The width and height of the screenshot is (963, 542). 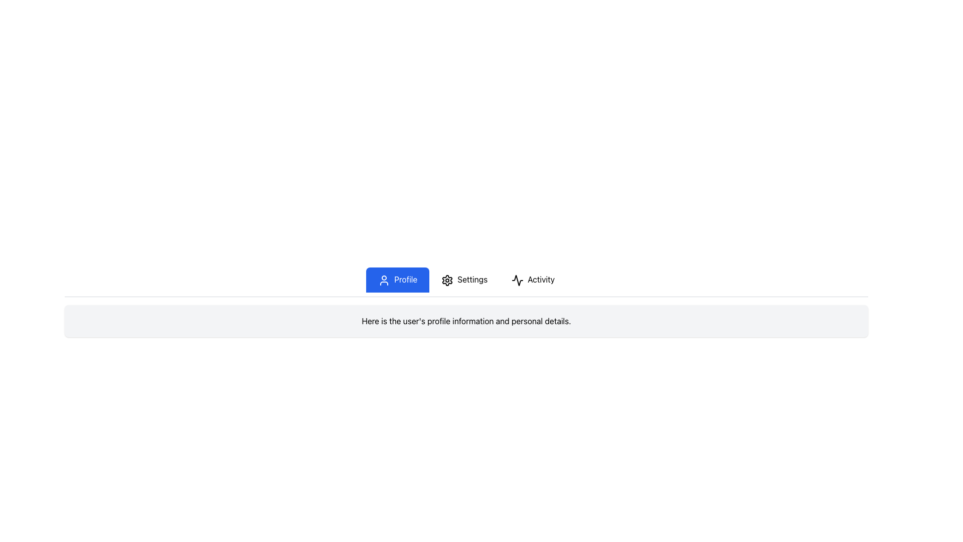 I want to click on the settings icon located directly to the left of the 'Settings' label within the navigation group, so click(x=447, y=280).